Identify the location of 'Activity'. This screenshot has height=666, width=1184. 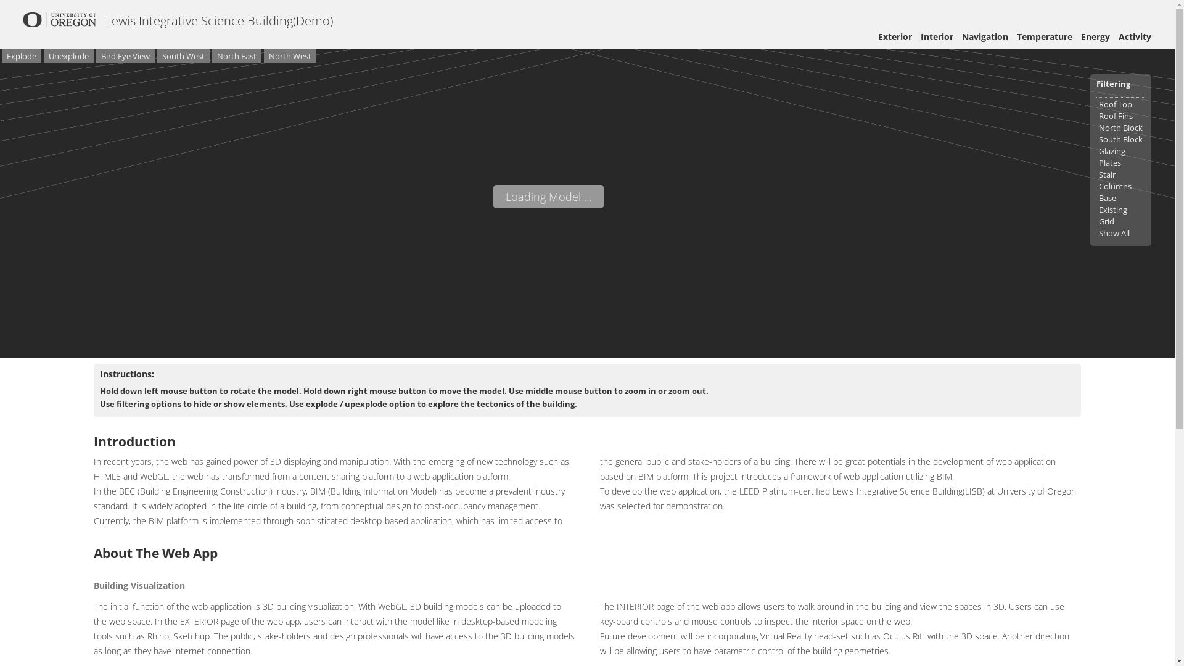
(1119, 36).